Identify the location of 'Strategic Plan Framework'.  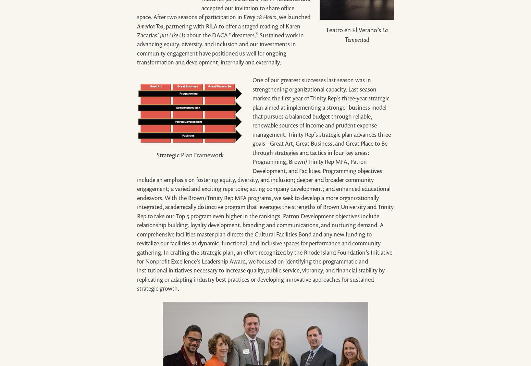
(190, 155).